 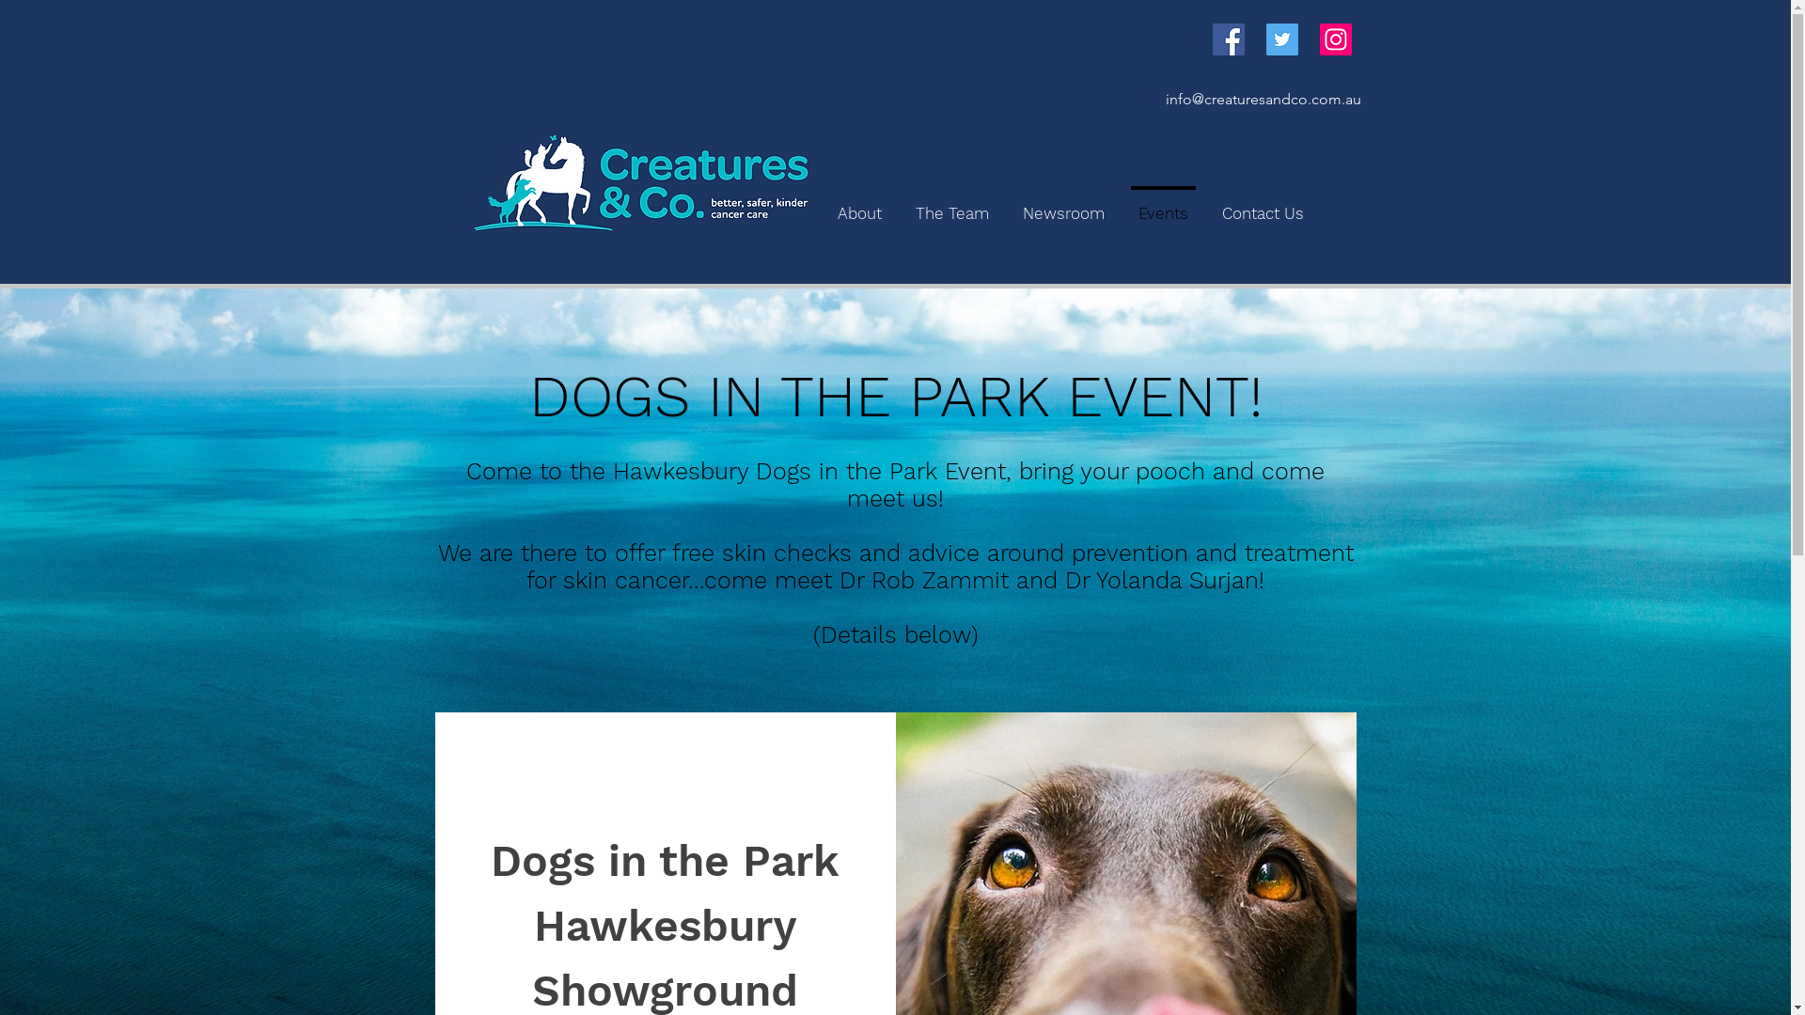 I want to click on 'info@creaturesandco.com.au', so click(x=1263, y=99).